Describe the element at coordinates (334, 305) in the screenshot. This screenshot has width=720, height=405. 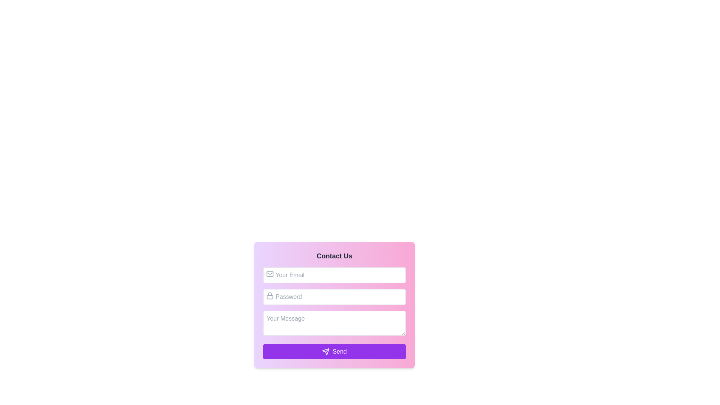
I see `the centered password input box labeled 'Password' to focus on it` at that location.